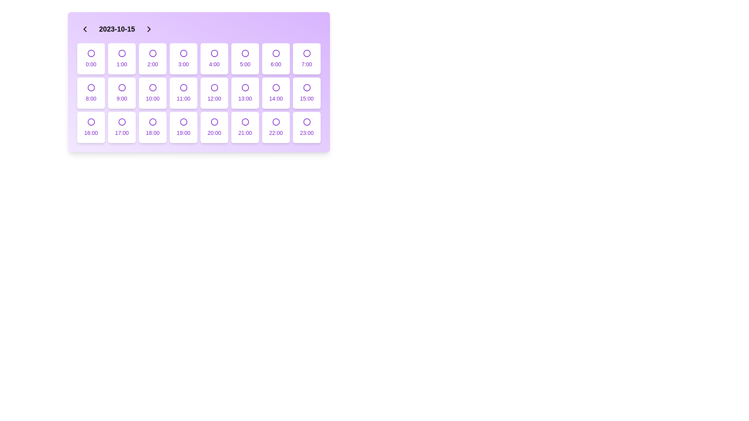 The width and height of the screenshot is (749, 421). Describe the element at coordinates (214, 87) in the screenshot. I see `the circular graphic element representing the '12:00' time slot in the grid of time slots, located in the 3rd row and 5th column` at that location.